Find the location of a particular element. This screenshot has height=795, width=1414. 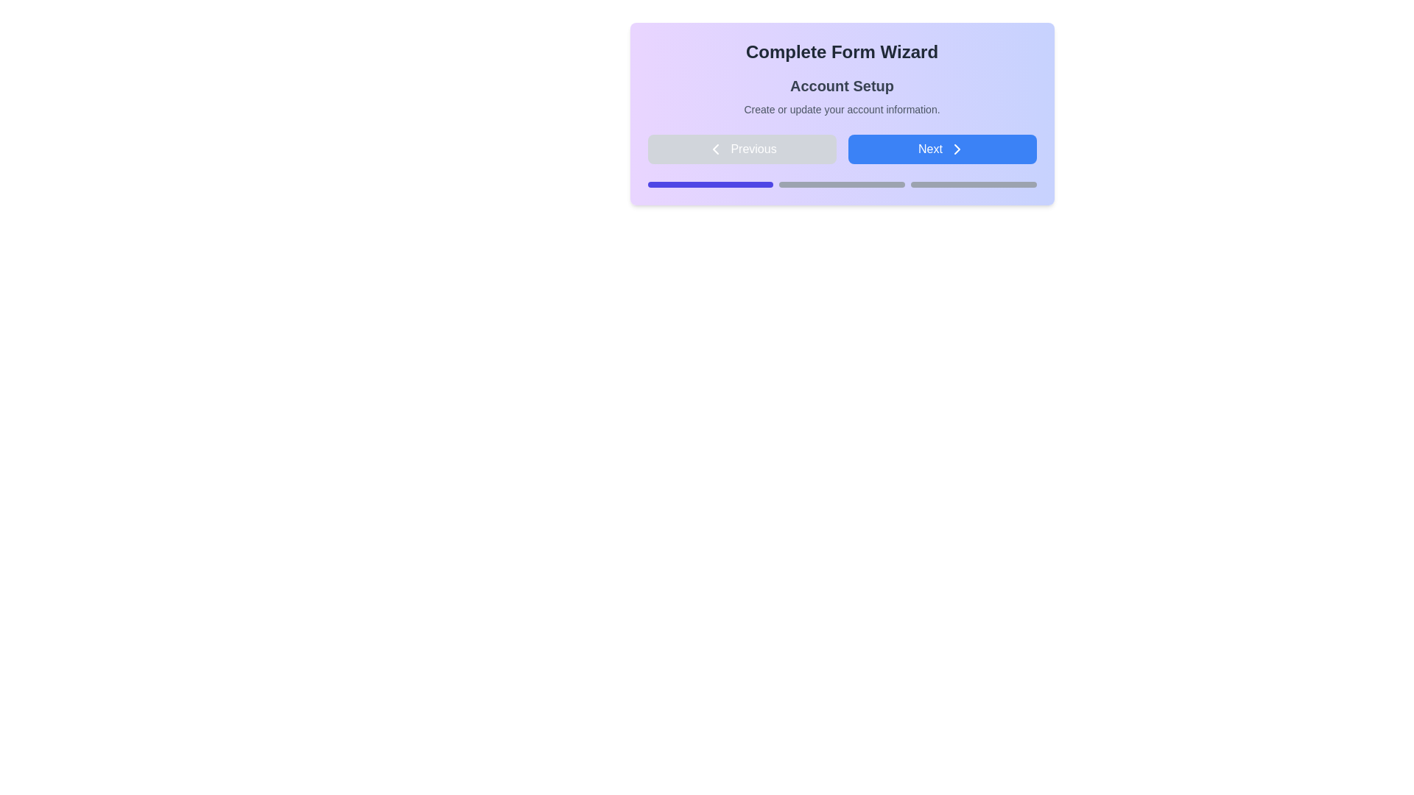

the bold headline text 'Complete Form Wizard' which is styled with a large, centered font on a light gradient background is located at coordinates (842, 51).